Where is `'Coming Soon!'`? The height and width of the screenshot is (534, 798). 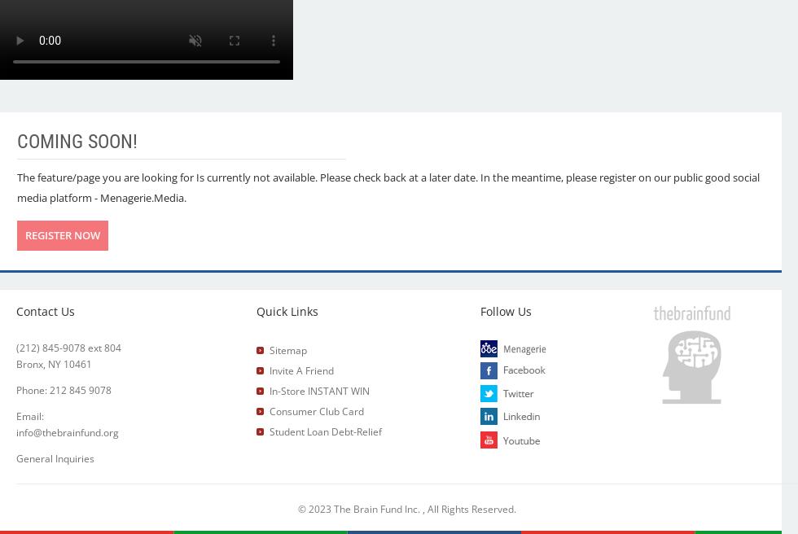
'Coming Soon!' is located at coordinates (77, 140).